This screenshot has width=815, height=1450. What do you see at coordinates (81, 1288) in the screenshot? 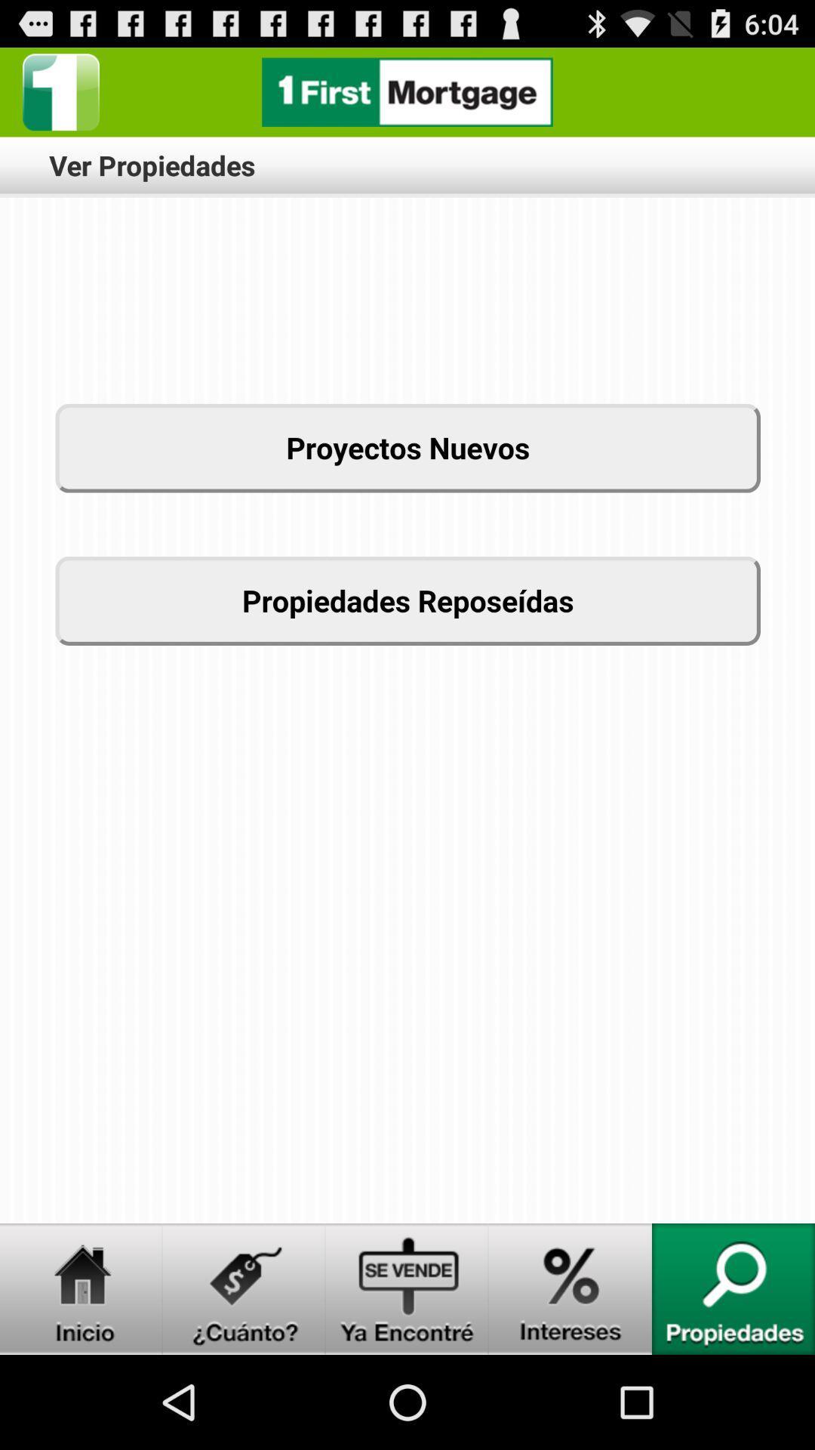
I see `home icon` at bounding box center [81, 1288].